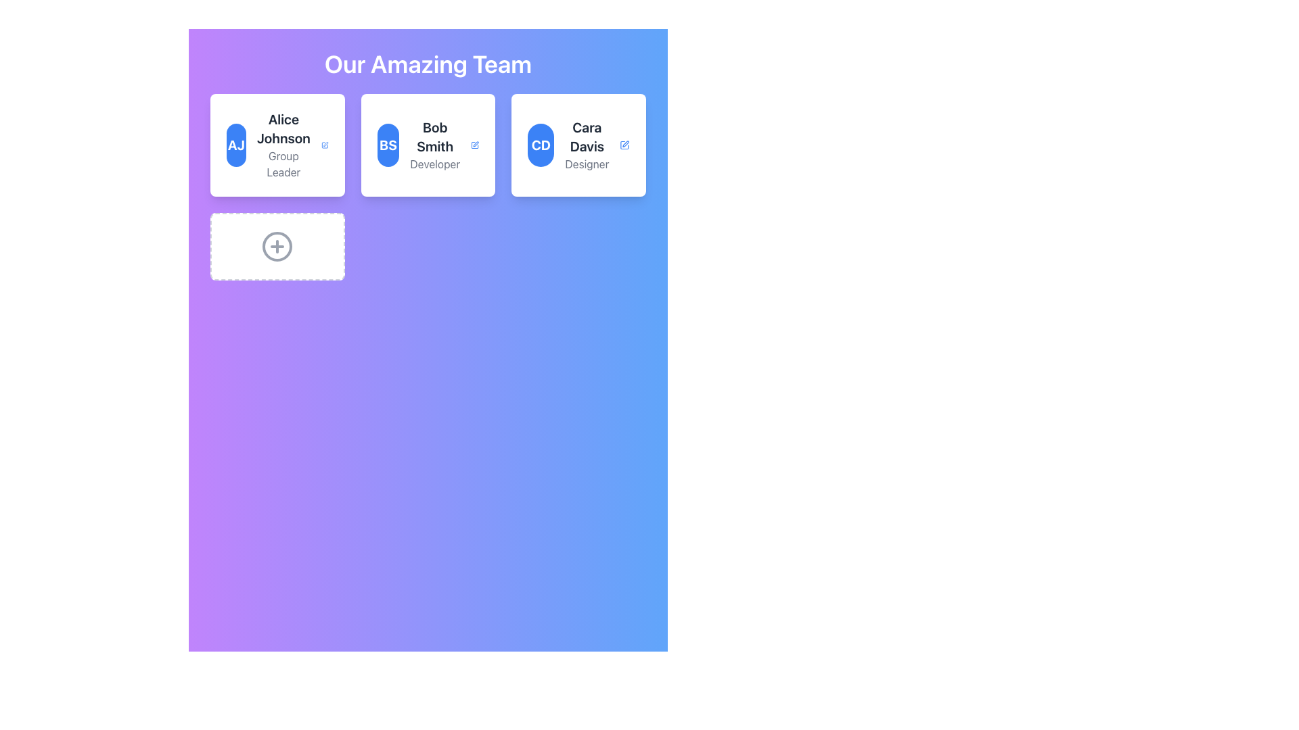 The image size is (1299, 730). What do you see at coordinates (587, 164) in the screenshot?
I see `the descriptive label indicating the profession or role associated with 'Cara Davis', which is positioned below the name in the rightmost column of the grid layout` at bounding box center [587, 164].